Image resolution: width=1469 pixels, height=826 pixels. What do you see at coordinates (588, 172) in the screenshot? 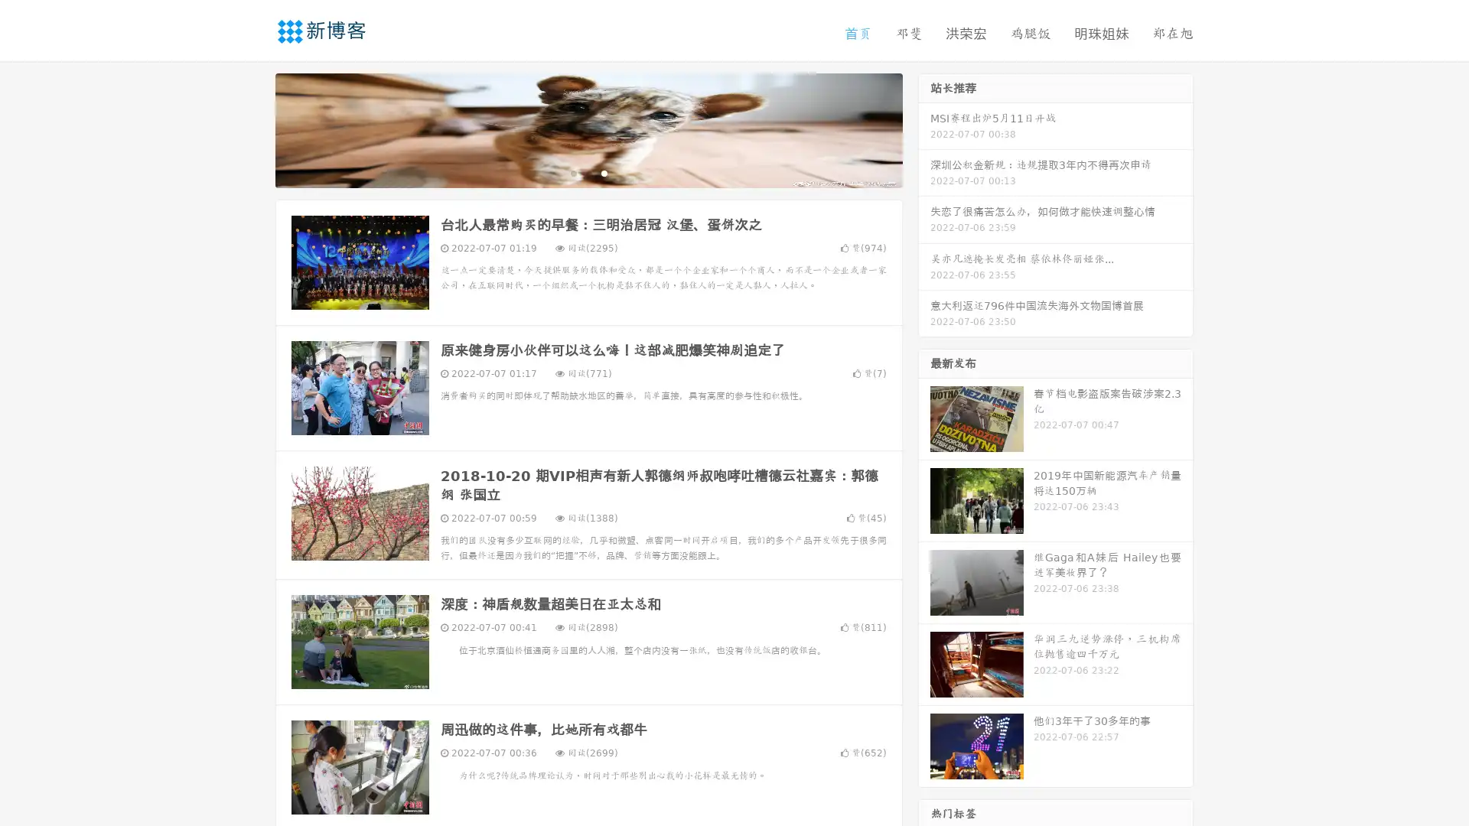
I see `Go to slide 2` at bounding box center [588, 172].